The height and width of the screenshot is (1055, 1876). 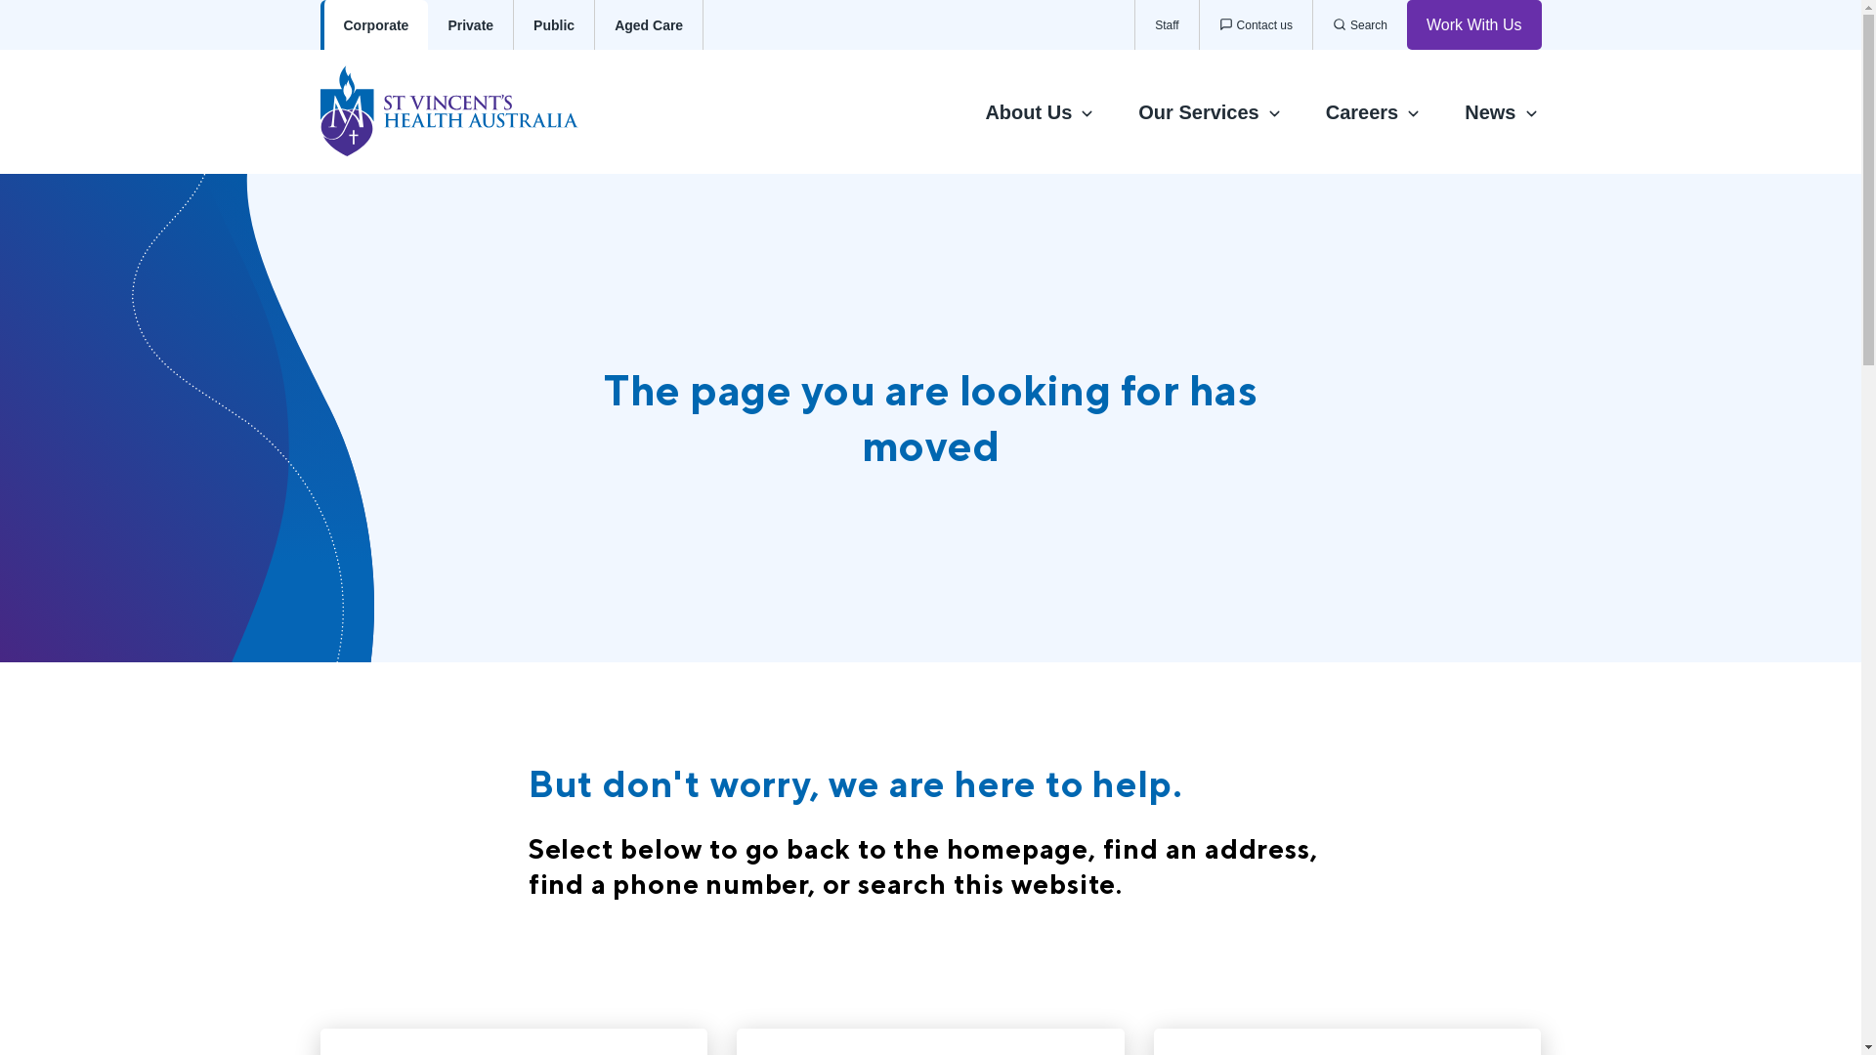 I want to click on 'Staff', so click(x=1166, y=24).